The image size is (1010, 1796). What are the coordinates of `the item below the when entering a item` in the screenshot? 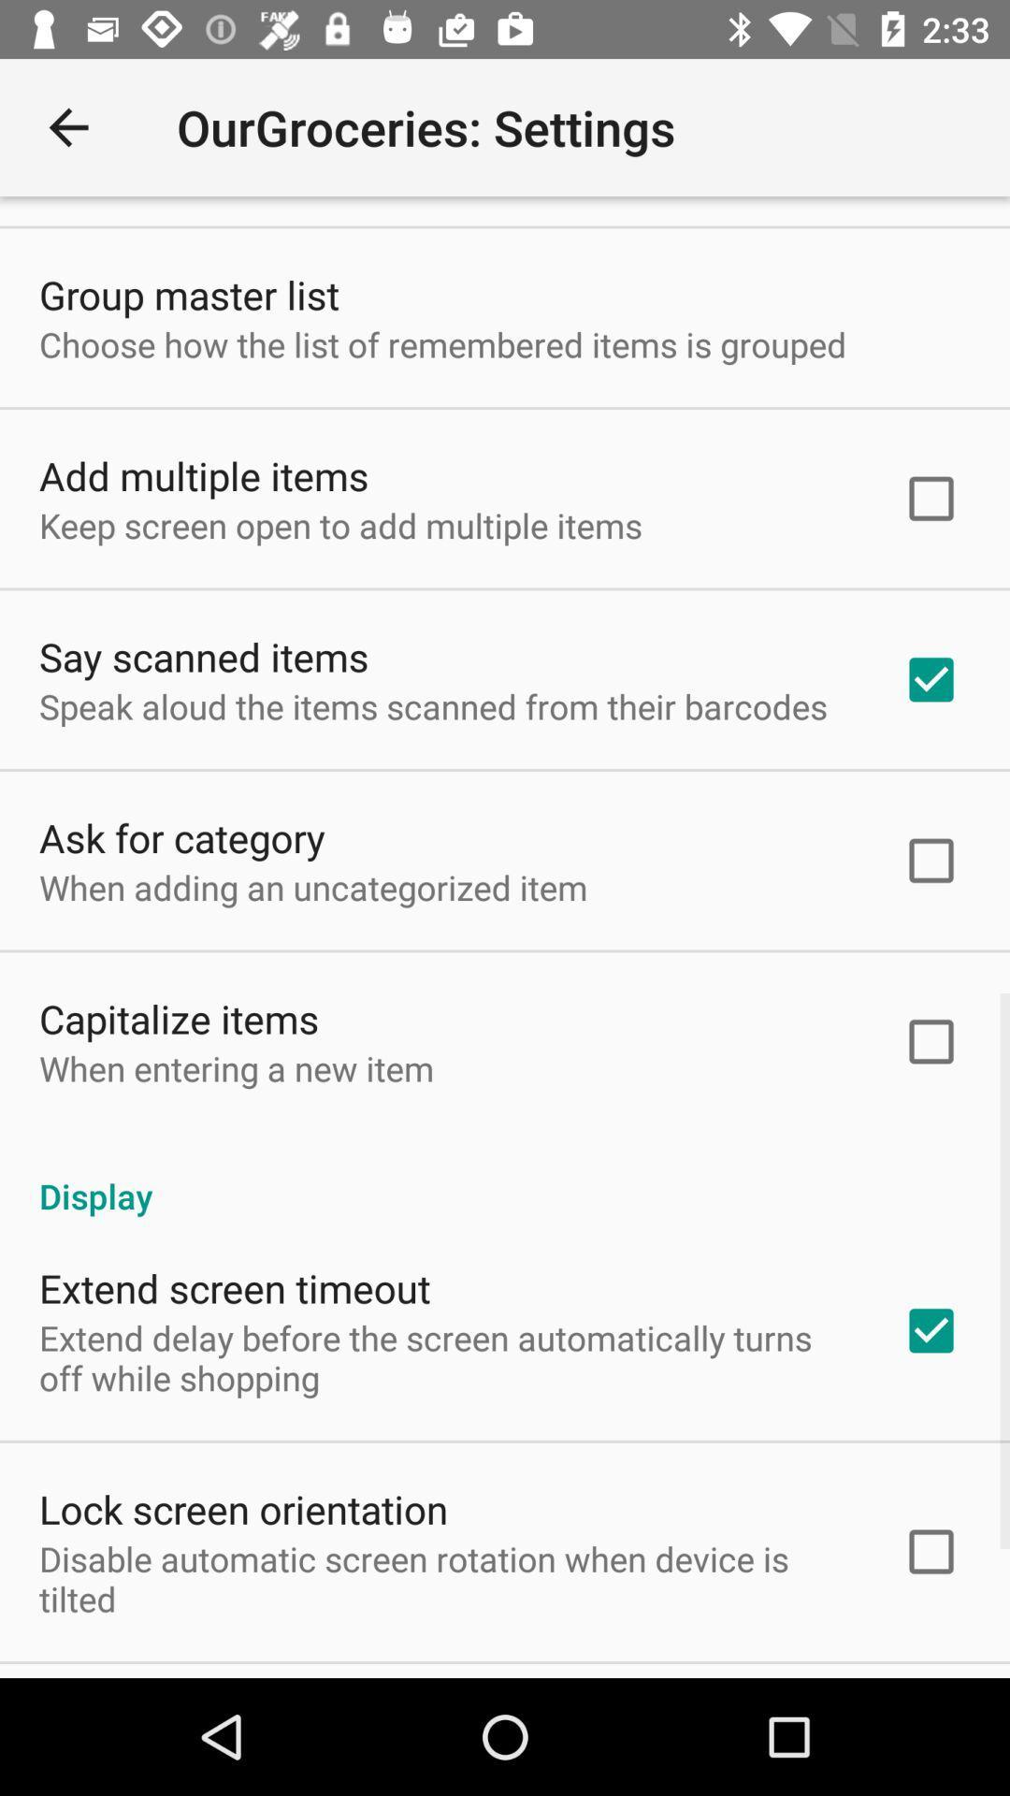 It's located at (505, 1175).